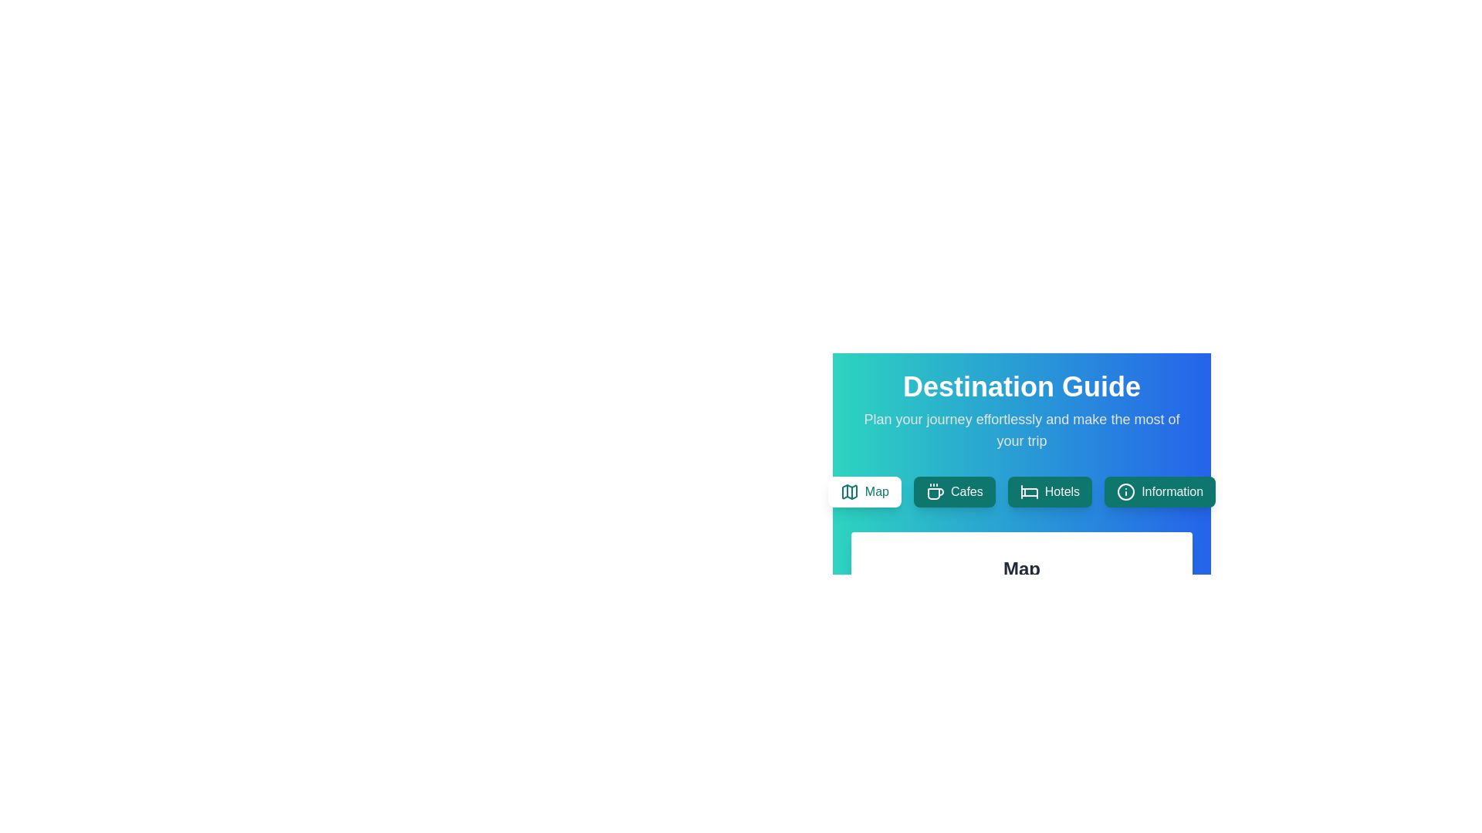 This screenshot has width=1482, height=833. Describe the element at coordinates (863, 491) in the screenshot. I see `the Map tab in the navigation menu` at that location.